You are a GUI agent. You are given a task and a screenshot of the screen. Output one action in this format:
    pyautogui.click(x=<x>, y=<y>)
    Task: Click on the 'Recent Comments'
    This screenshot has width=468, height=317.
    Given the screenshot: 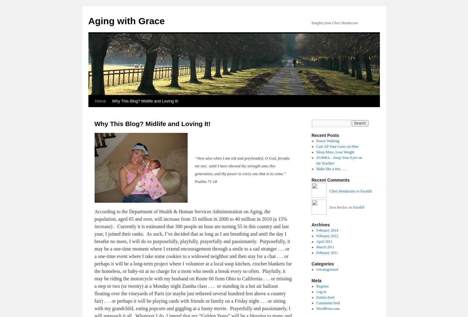 What is the action you would take?
    pyautogui.click(x=330, y=180)
    